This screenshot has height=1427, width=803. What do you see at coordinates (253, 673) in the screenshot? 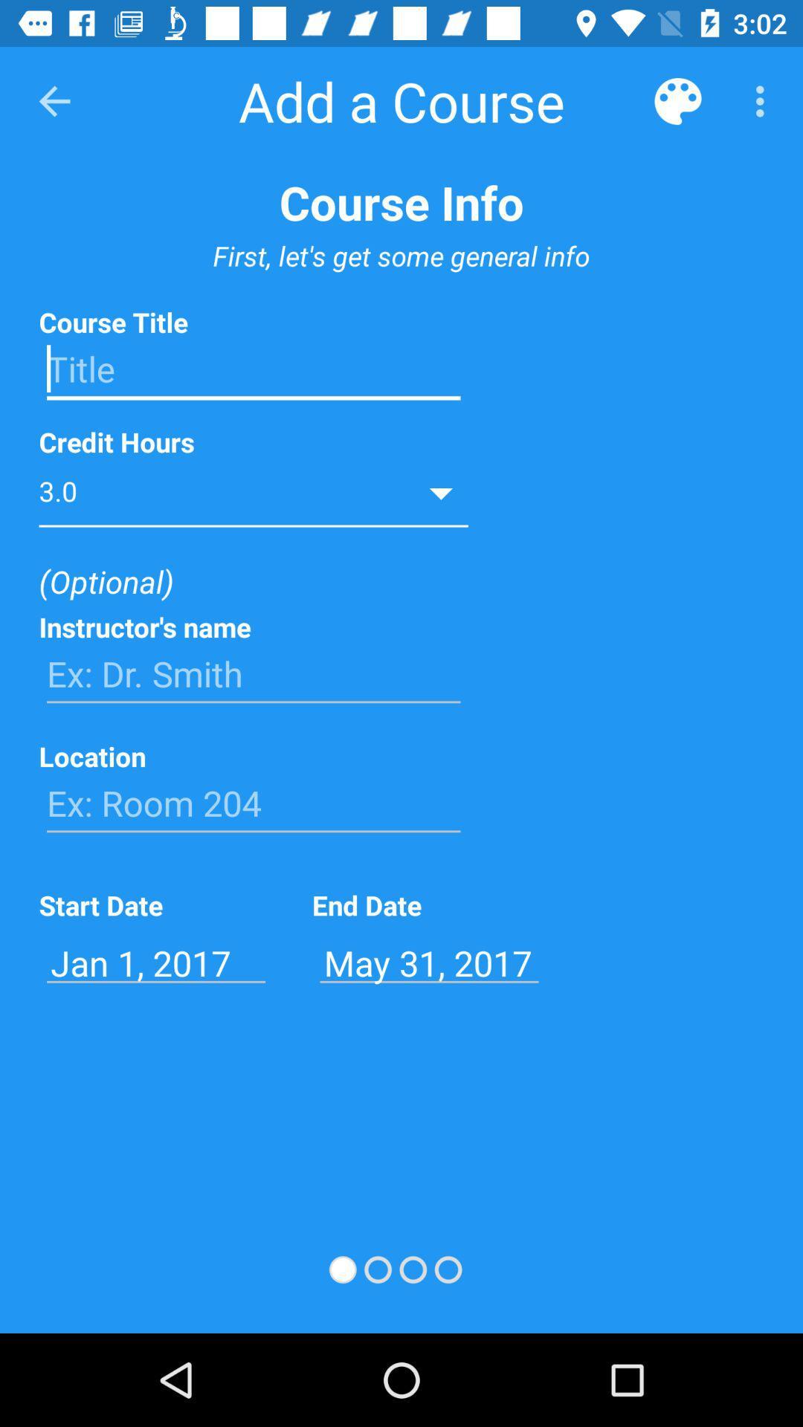
I see `type in instructor 's name` at bounding box center [253, 673].